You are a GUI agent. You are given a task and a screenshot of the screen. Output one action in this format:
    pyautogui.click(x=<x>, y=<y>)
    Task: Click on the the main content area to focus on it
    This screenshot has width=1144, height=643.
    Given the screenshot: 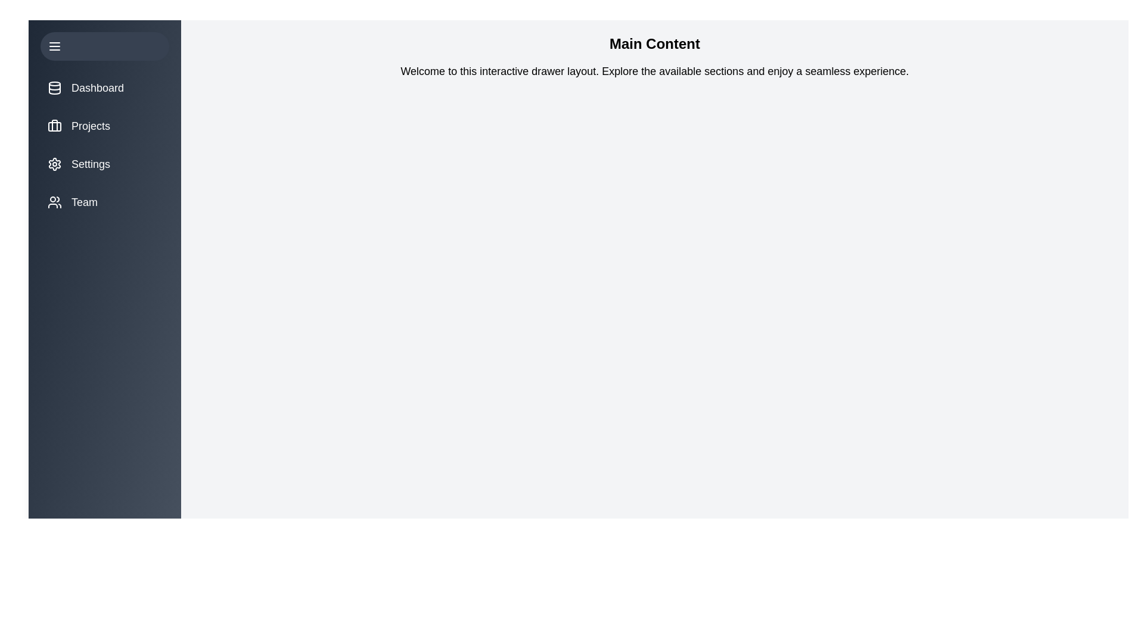 What is the action you would take?
    pyautogui.click(x=654, y=342)
    